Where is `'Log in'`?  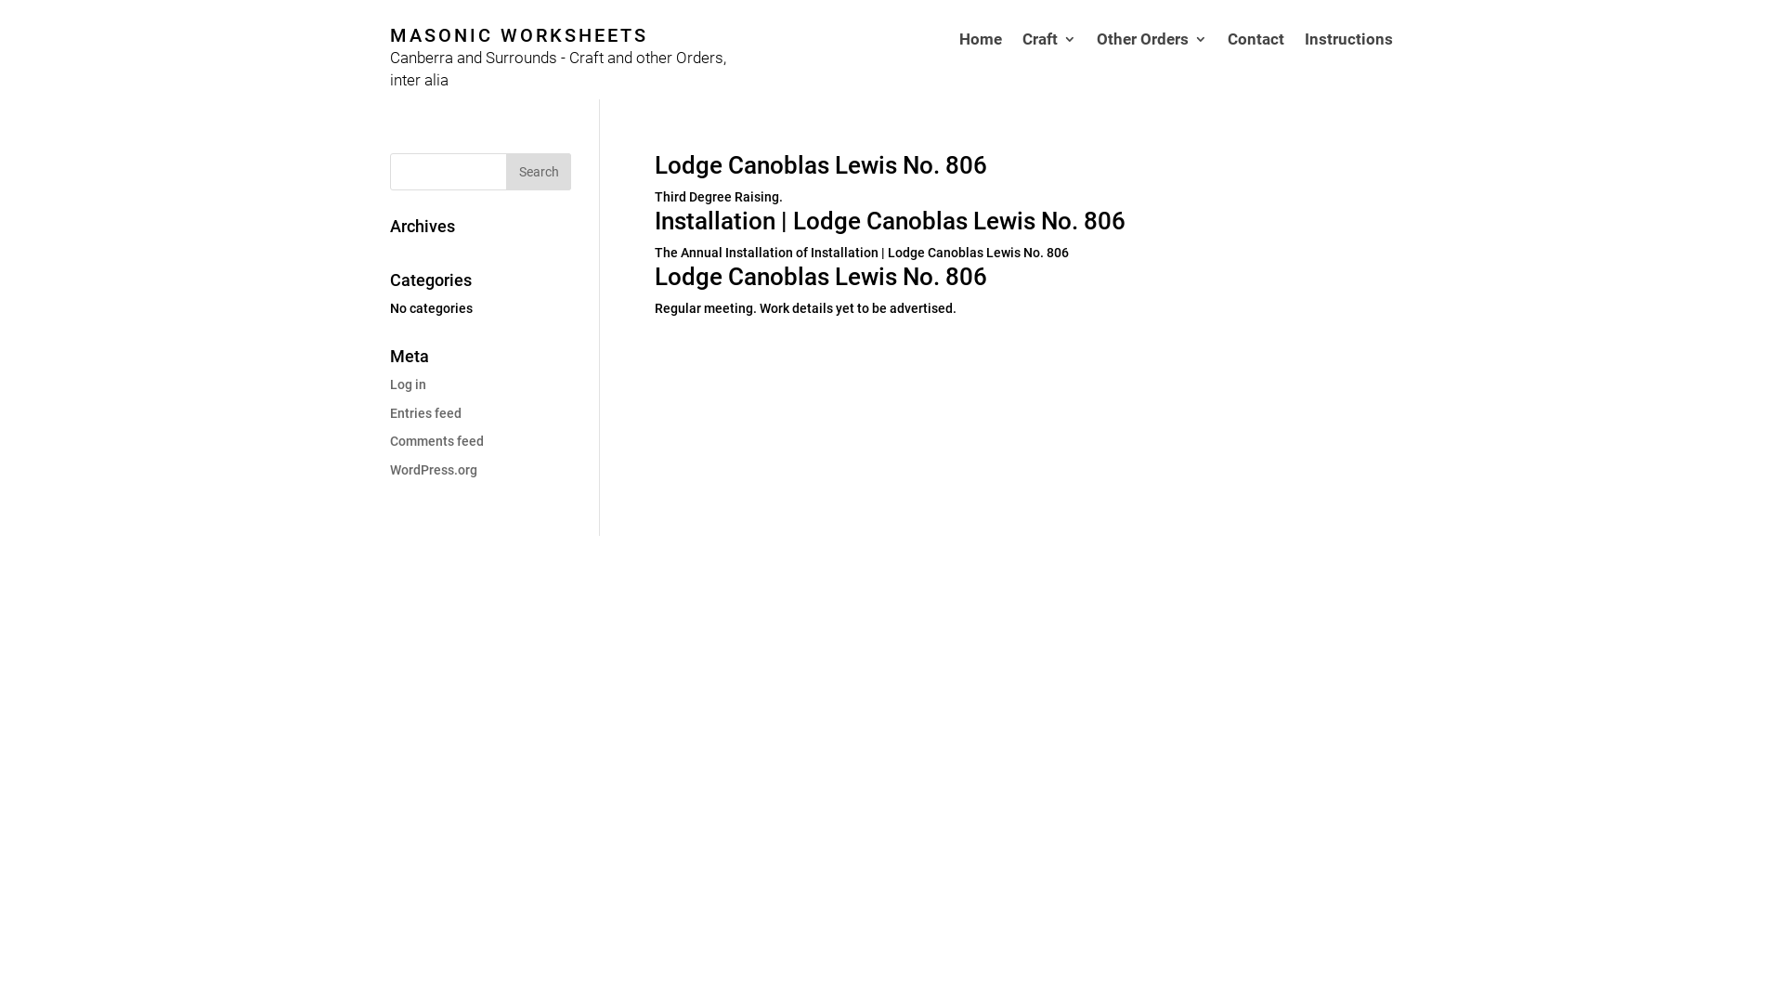 'Log in' is located at coordinates (407, 383).